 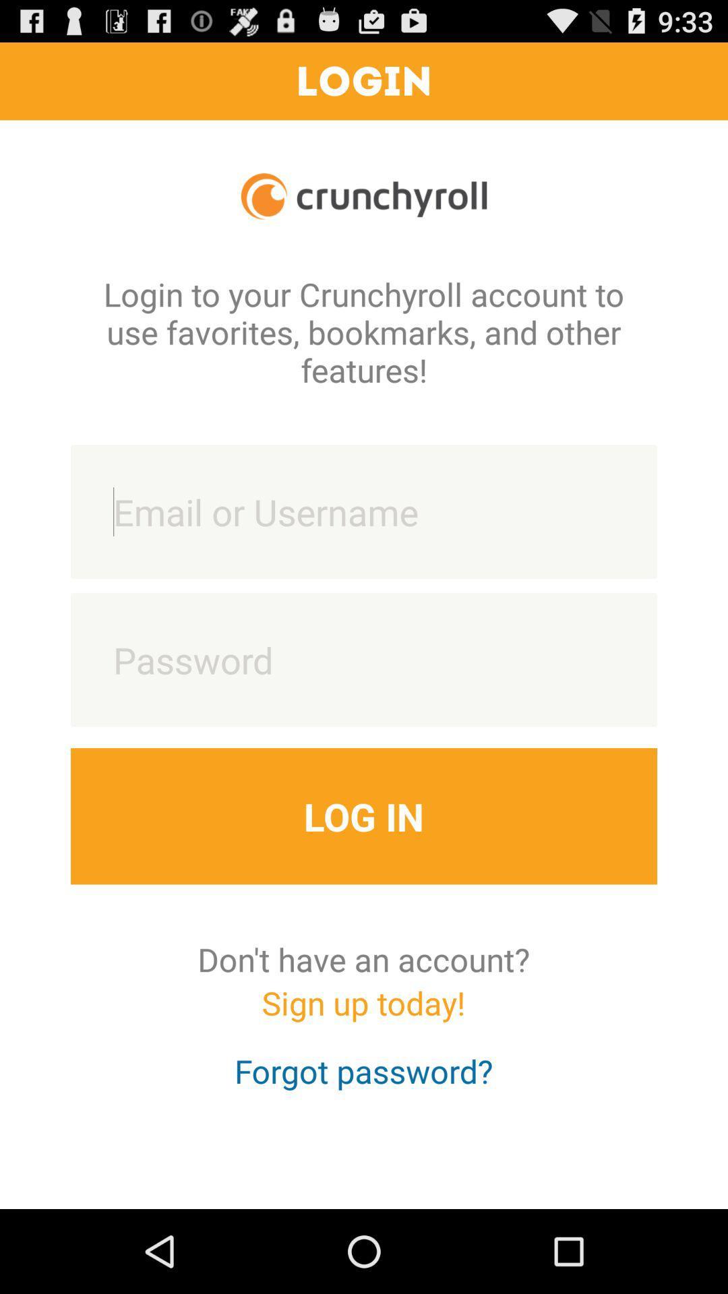 I want to click on sign up today! item, so click(x=363, y=1015).